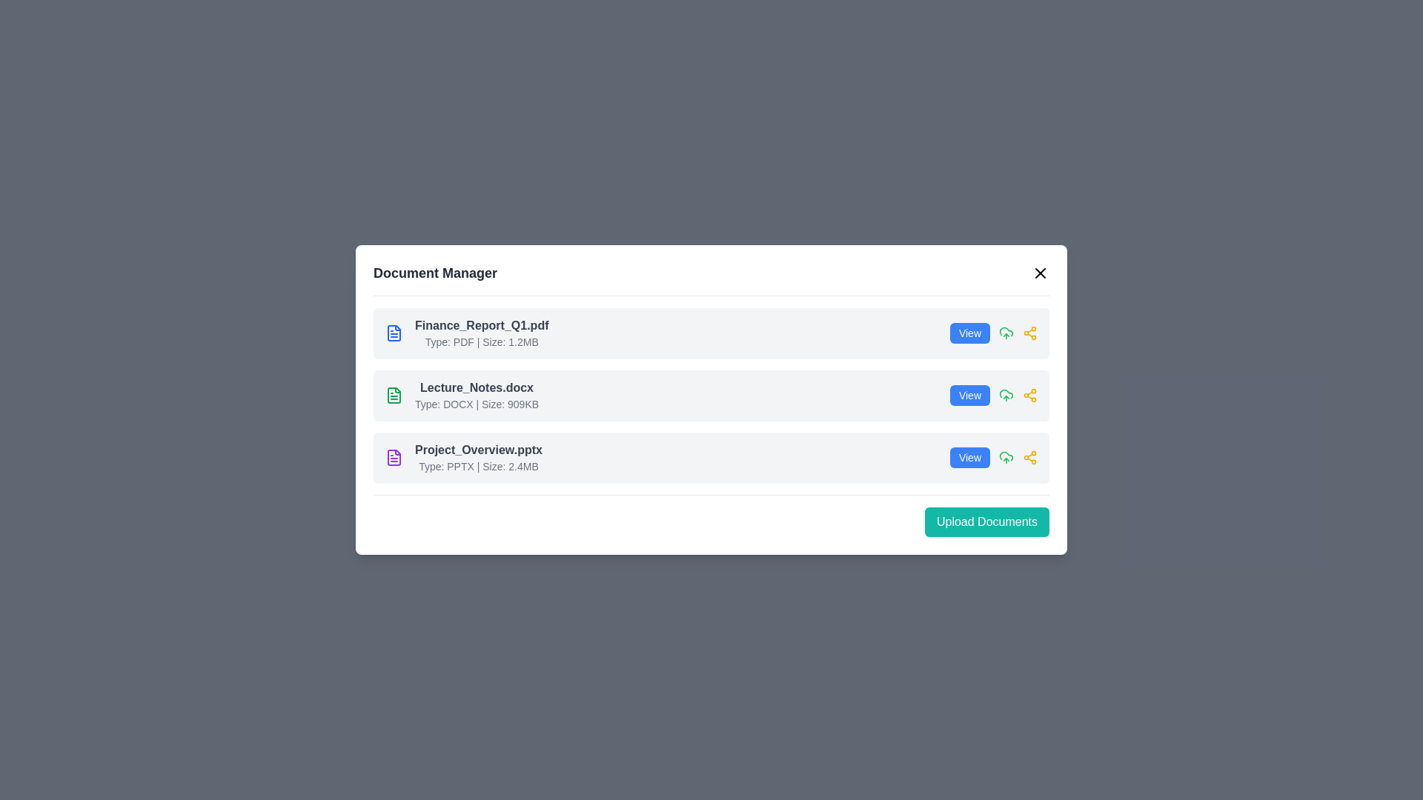  Describe the element at coordinates (394, 333) in the screenshot. I see `the file type icon located at the far left of the entry for 'Finance_Report_Q1.pdf', which serves as a visual indicator for the document type` at that location.